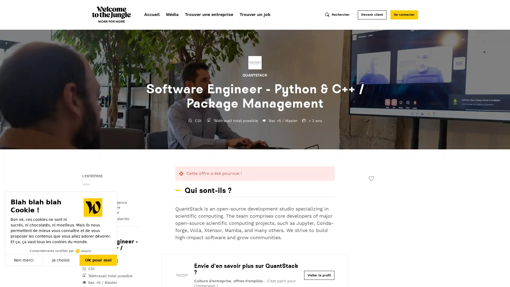 This screenshot has height=287, width=510. Describe the element at coordinates (24, 260) in the screenshot. I see `Non merci` at that location.